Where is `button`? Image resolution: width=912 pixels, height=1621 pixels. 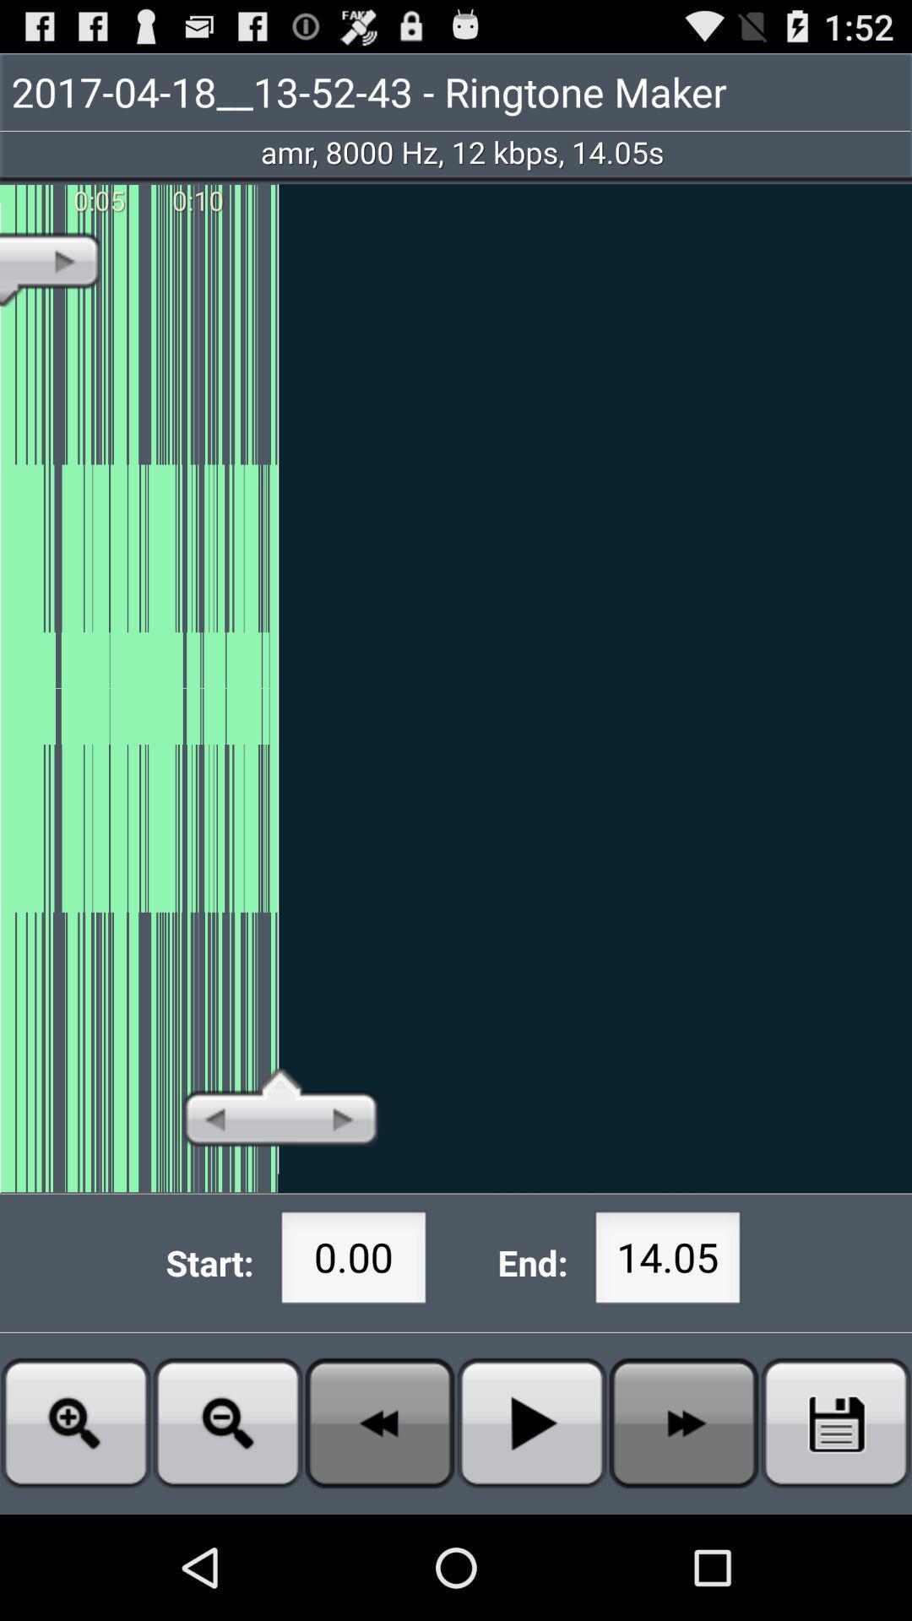
button is located at coordinates (530, 1422).